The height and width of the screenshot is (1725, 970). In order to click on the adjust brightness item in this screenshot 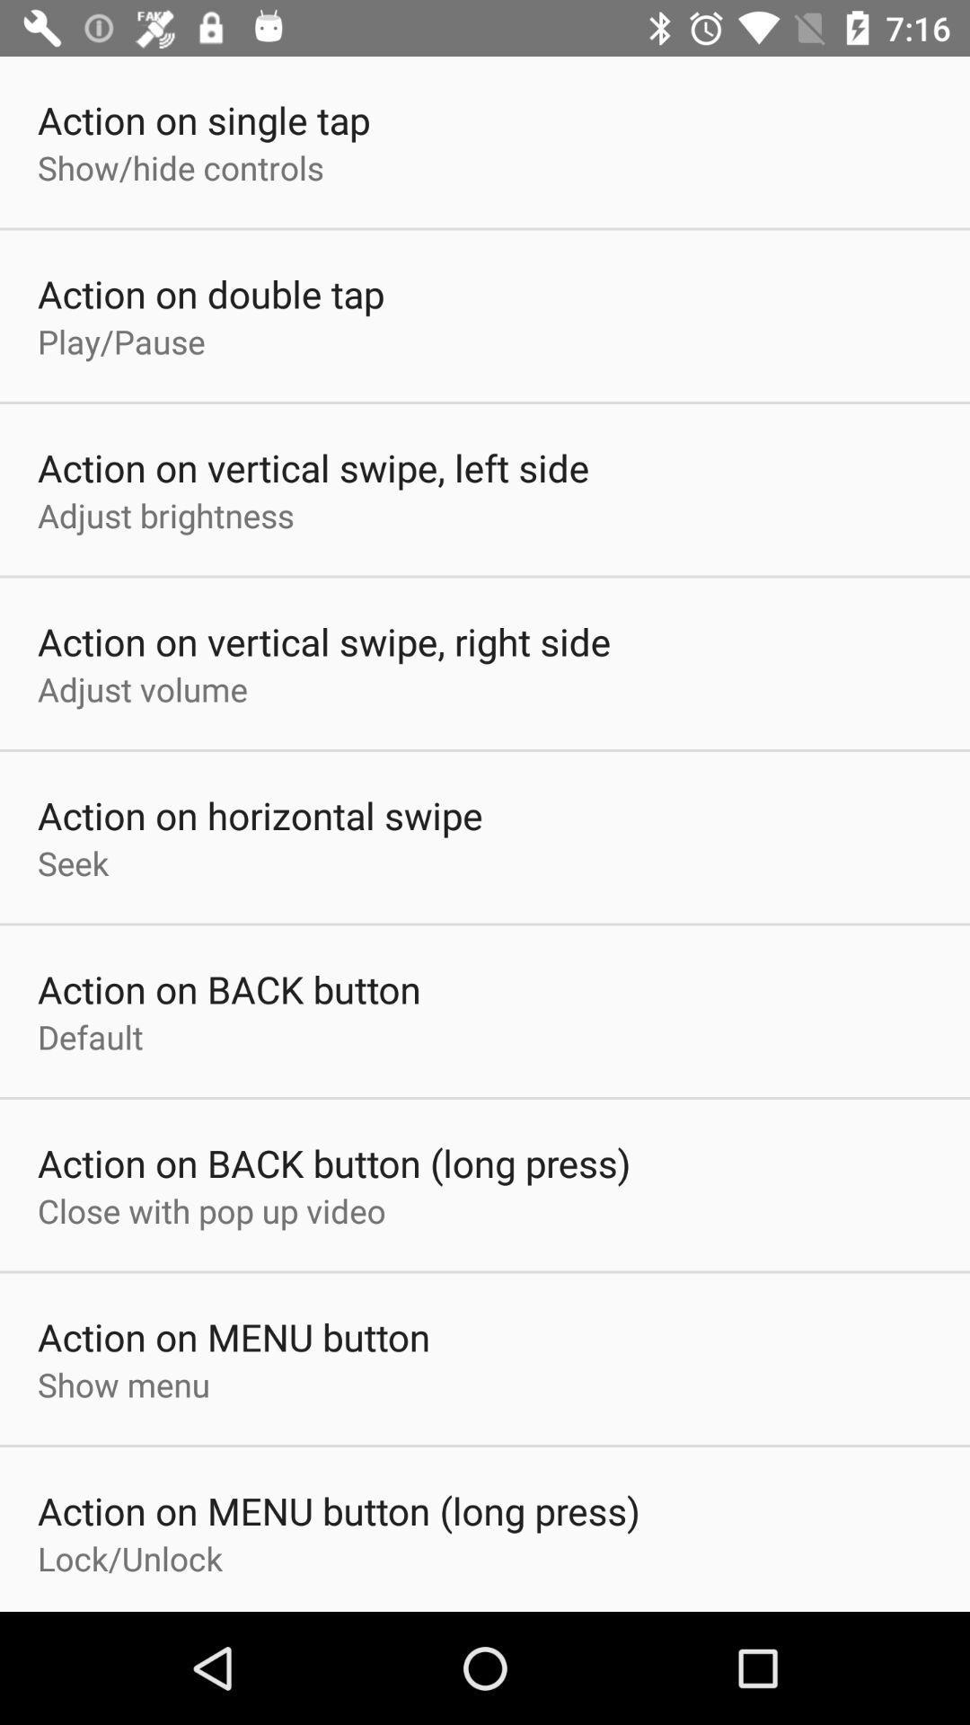, I will do `click(165, 514)`.